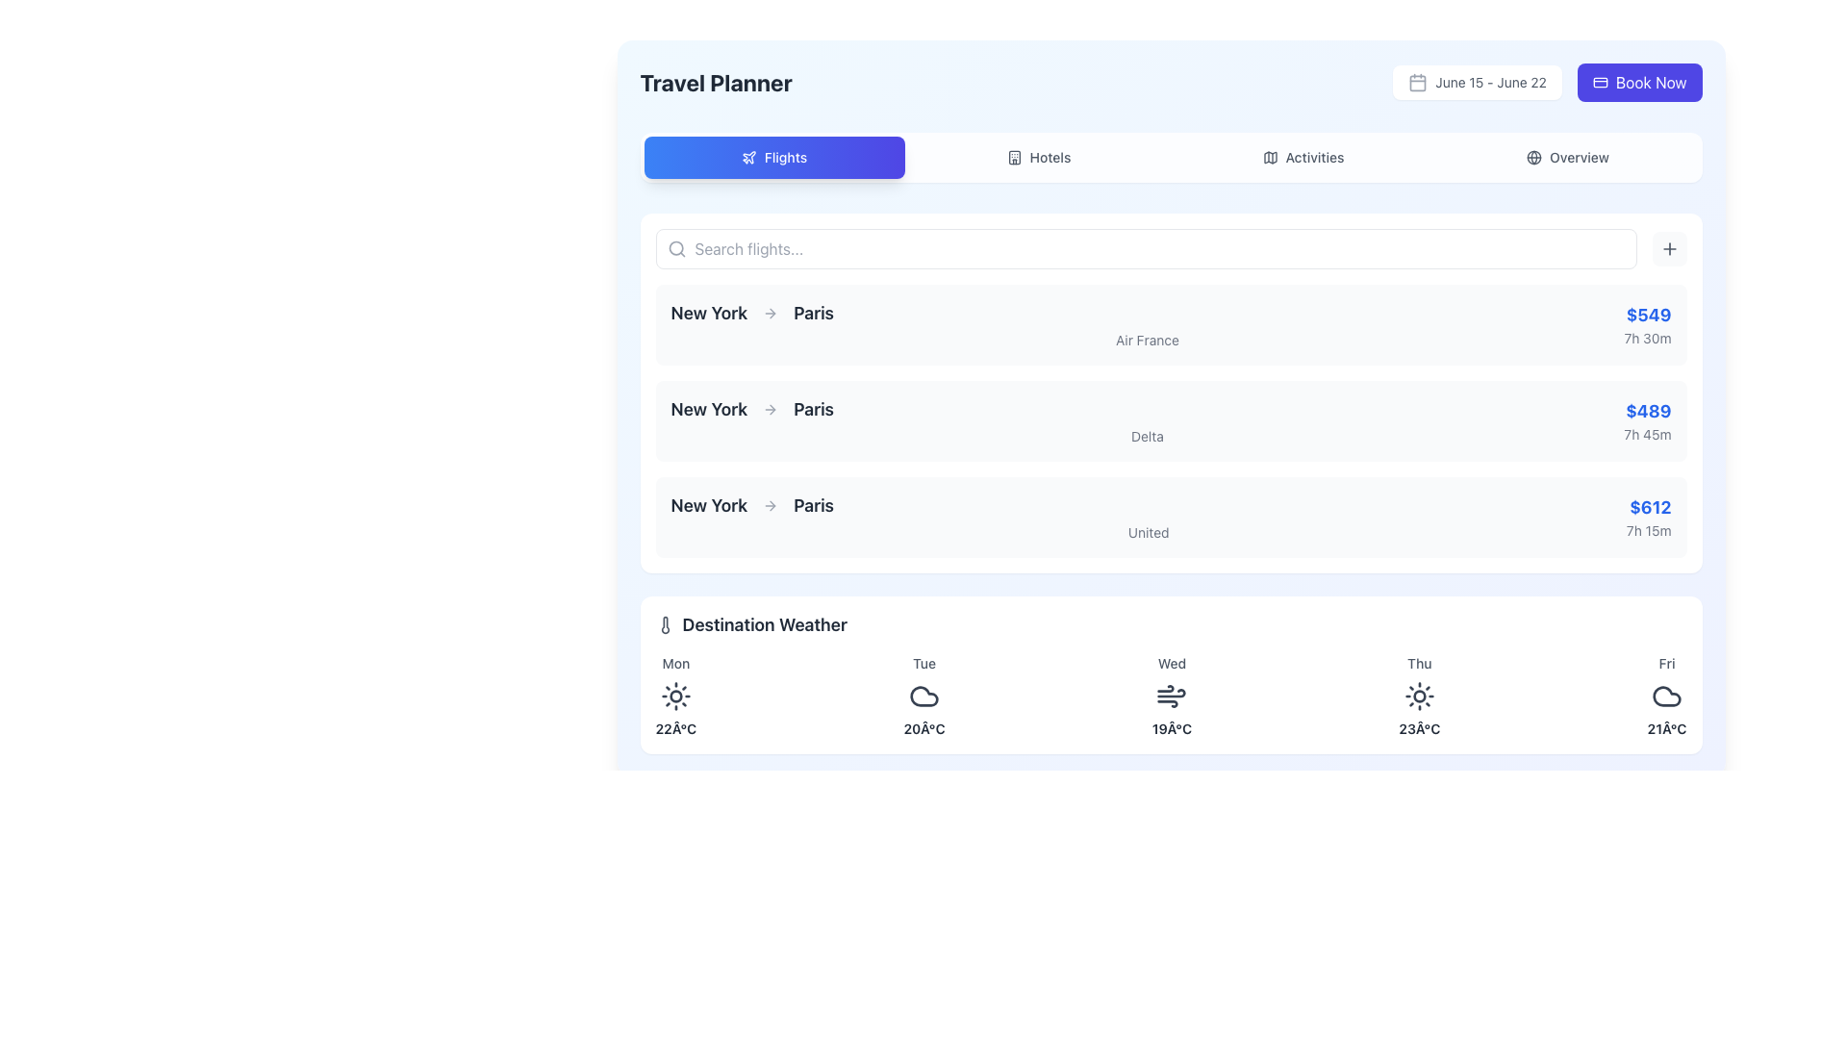 Image resolution: width=1847 pixels, height=1039 pixels. Describe the element at coordinates (1568, 157) in the screenshot. I see `the 'Overview' tab in the navigation bar` at that location.